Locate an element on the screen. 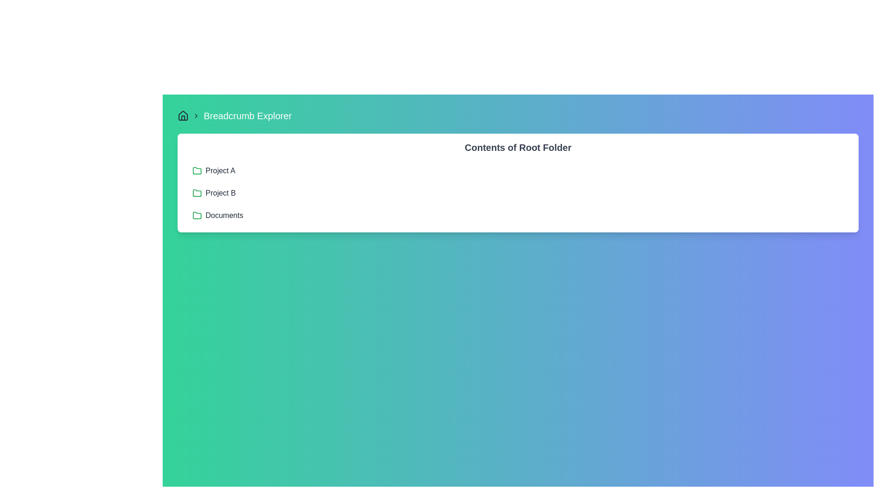  the folder icon representing 'Project A' in the Breadcrumb Explorer list is located at coordinates (196, 170).